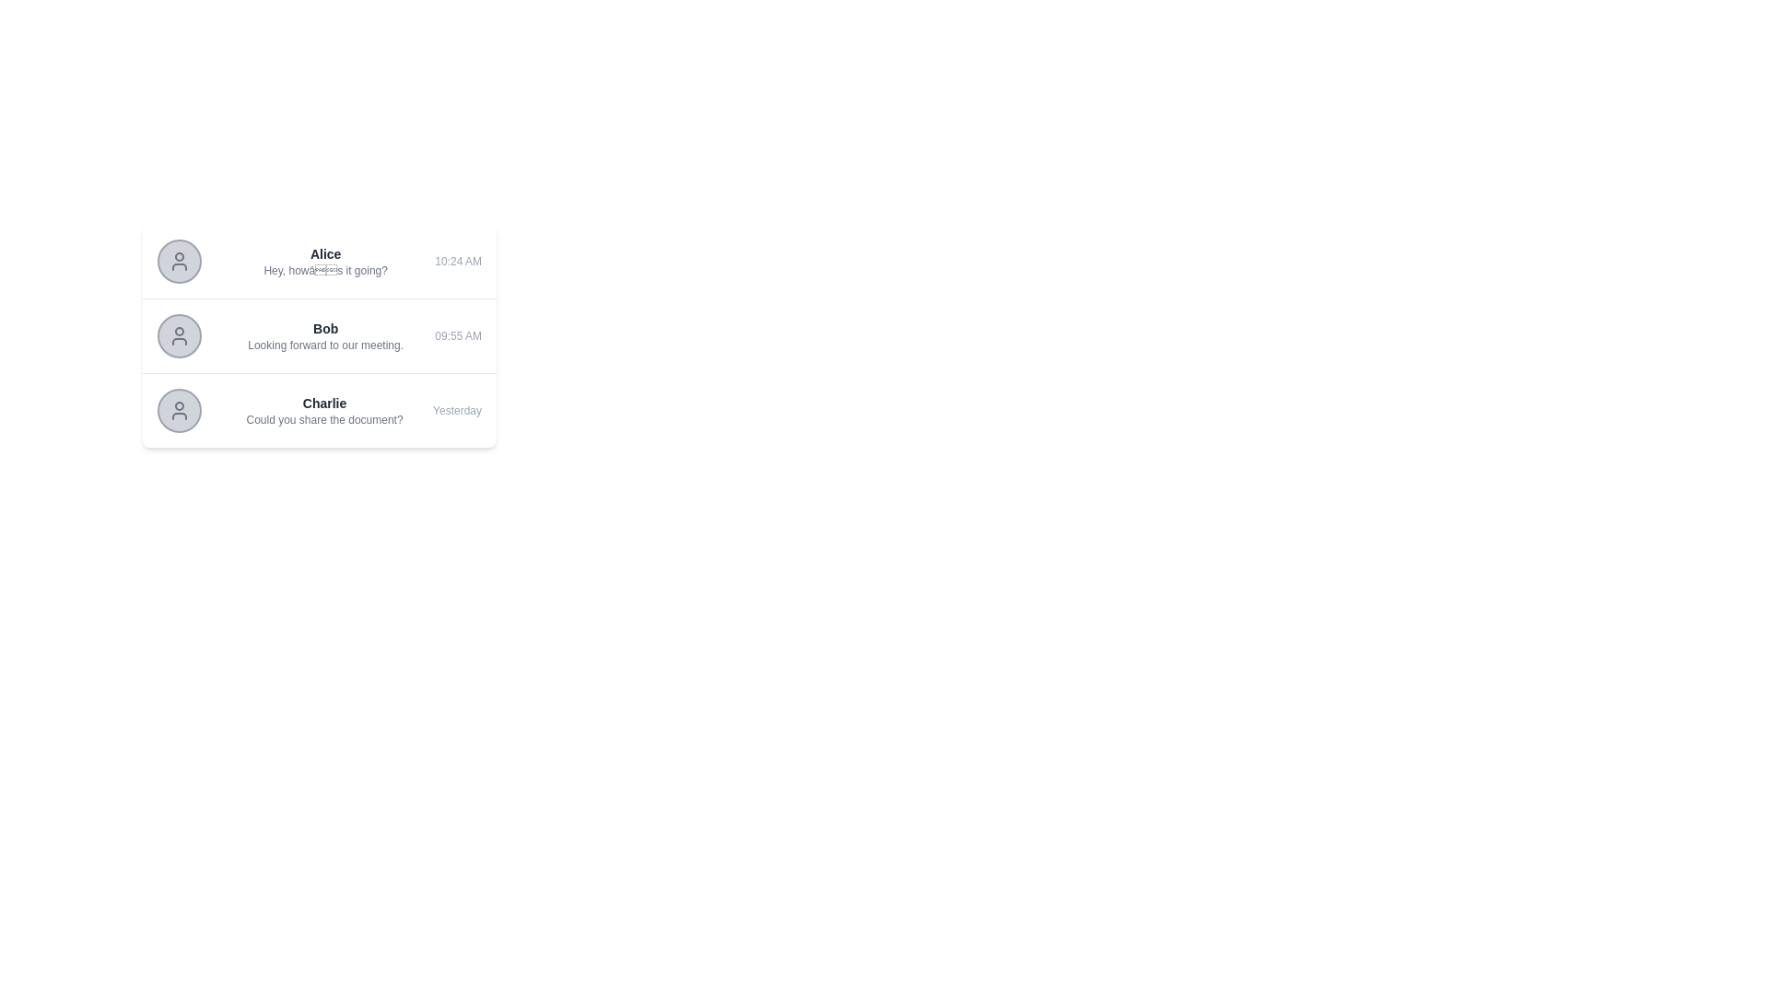 Image resolution: width=1769 pixels, height=995 pixels. I want to click on the text label that identifies the sender or participant in the conversation, located above the message 'Could you share the document?' in the third row of the list, so click(324, 403).